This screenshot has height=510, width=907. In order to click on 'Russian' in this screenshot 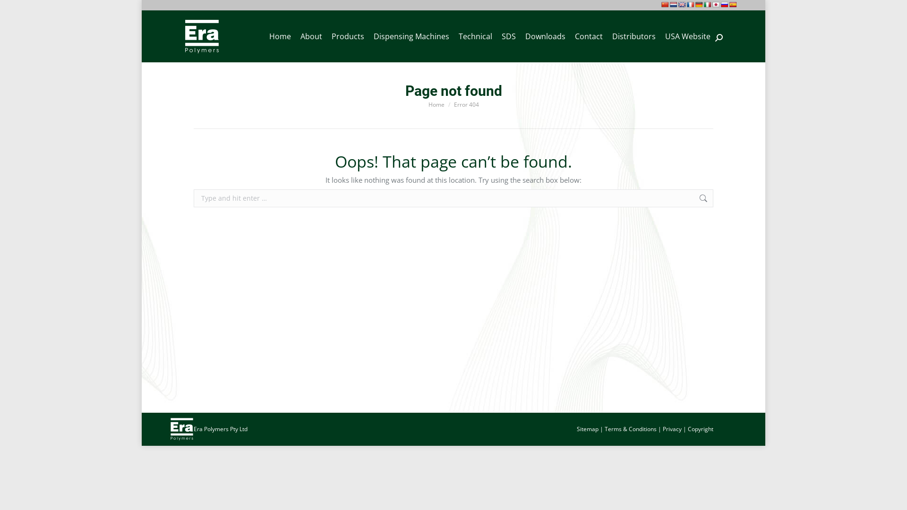, I will do `click(720, 5)`.